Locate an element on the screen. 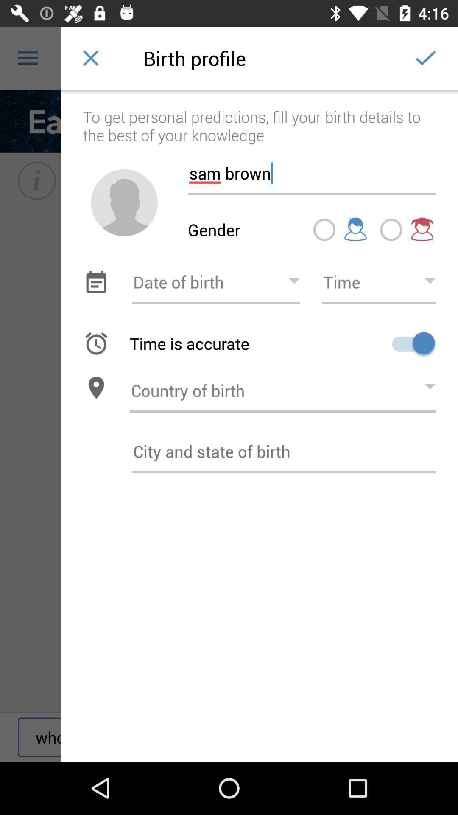 The height and width of the screenshot is (815, 458). female as gender is located at coordinates (391, 230).